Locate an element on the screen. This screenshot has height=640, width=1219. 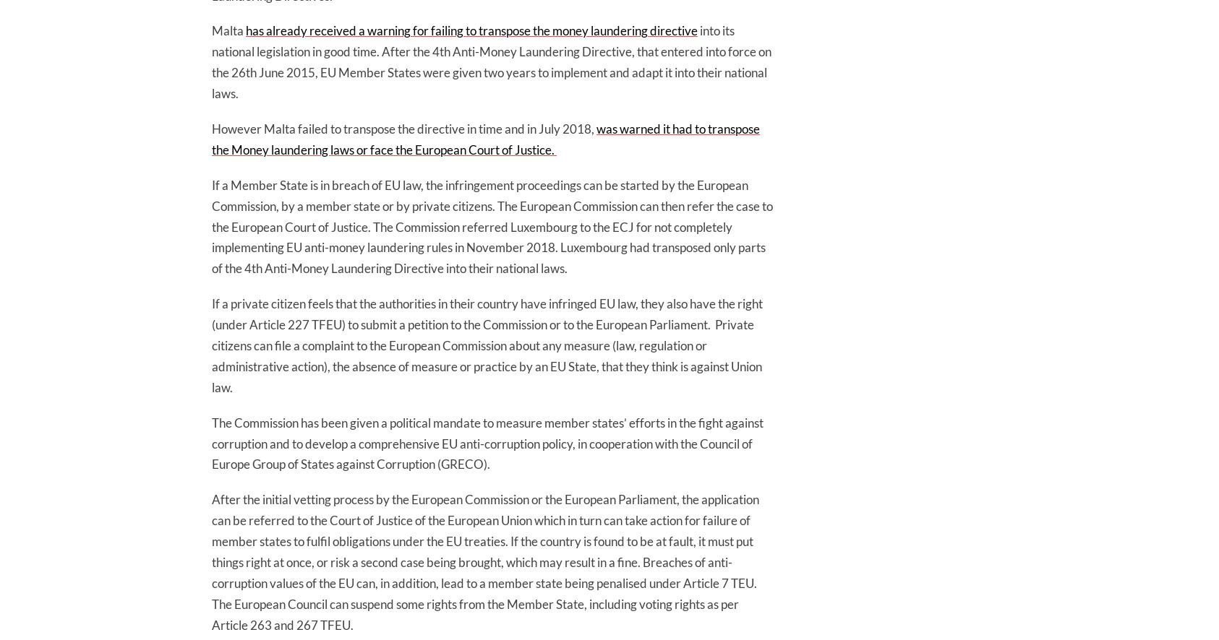
'Malta' is located at coordinates (228, 30).